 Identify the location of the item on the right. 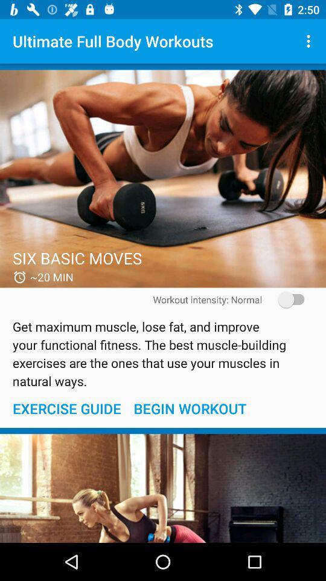
(287, 299).